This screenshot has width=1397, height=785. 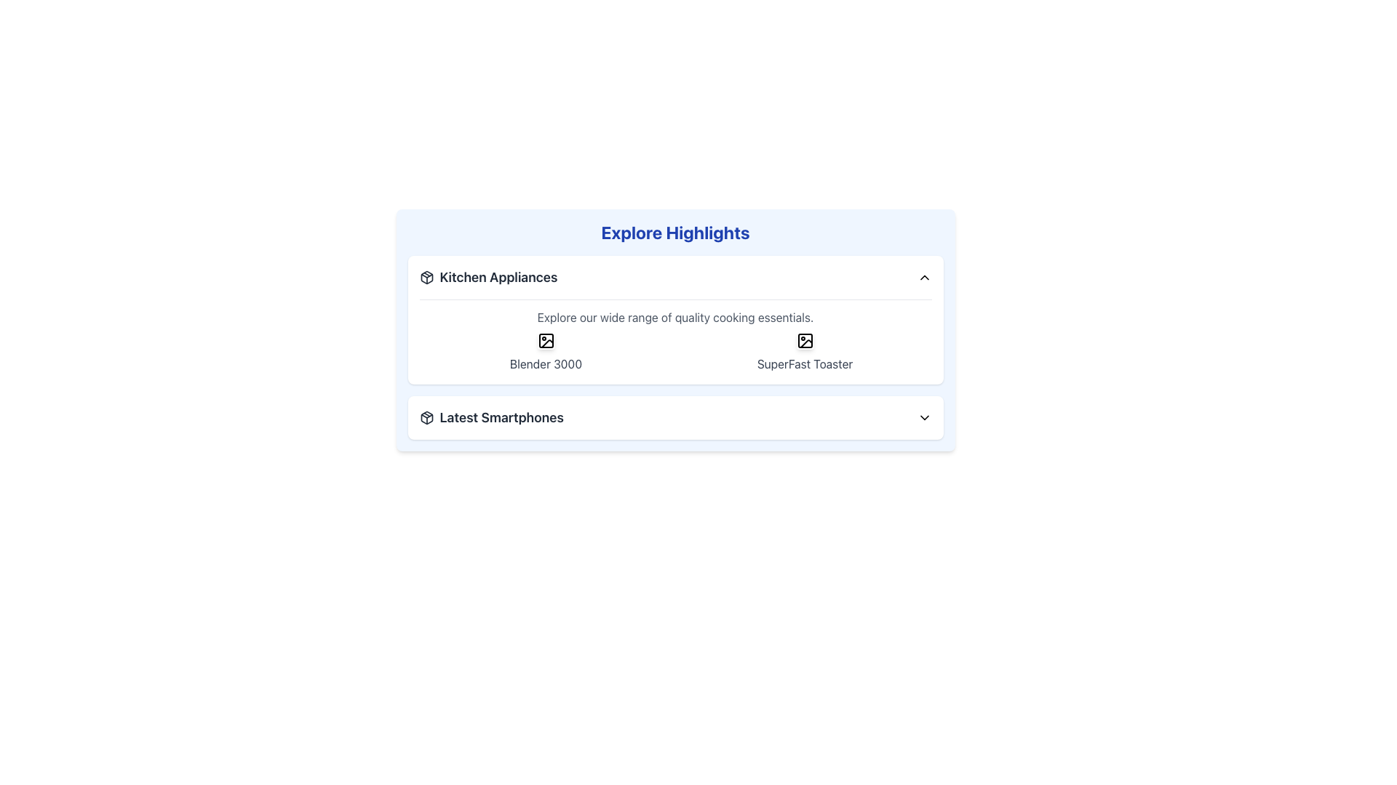 I want to click on the decorative rectangle located in the upper-left region of the 'Blender 3000' product image, which has rounded corners and appears empty or solid color, so click(x=545, y=341).